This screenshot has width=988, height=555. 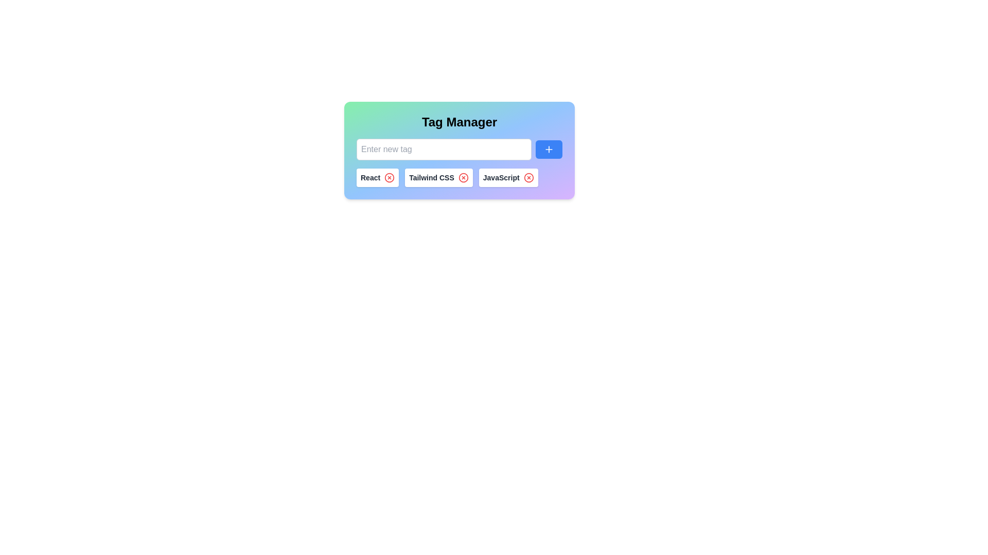 I want to click on the remove icon next to the tag labeled React, so click(x=389, y=177).